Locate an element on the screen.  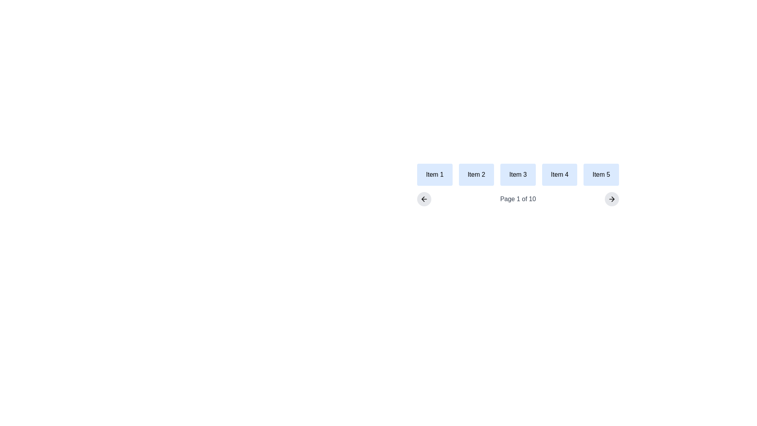
the arrow icon button located at the far-right end of the page navigation section is located at coordinates (611, 199).